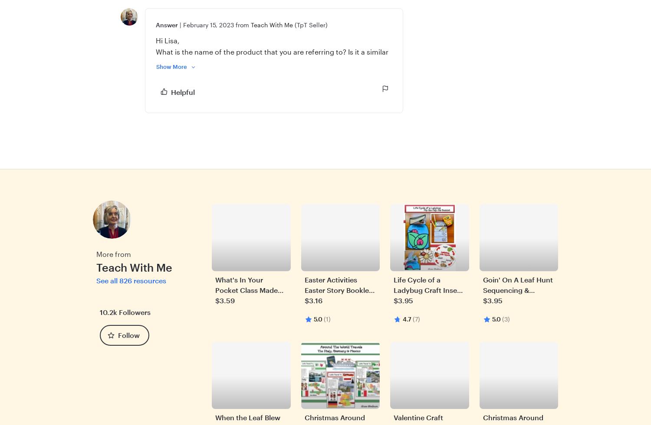 This screenshot has width=651, height=425. I want to click on '(1)', so click(327, 319).